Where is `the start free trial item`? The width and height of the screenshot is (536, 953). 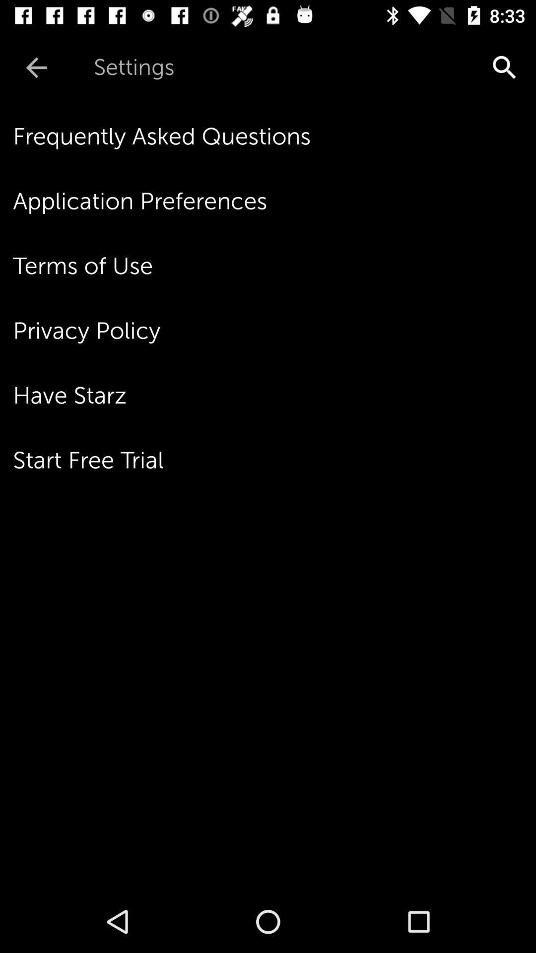 the start free trial item is located at coordinates (274, 460).